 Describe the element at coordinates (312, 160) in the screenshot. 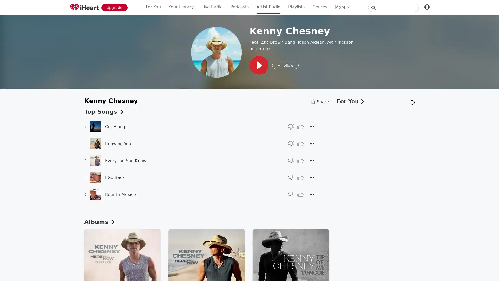

I see `More` at that location.